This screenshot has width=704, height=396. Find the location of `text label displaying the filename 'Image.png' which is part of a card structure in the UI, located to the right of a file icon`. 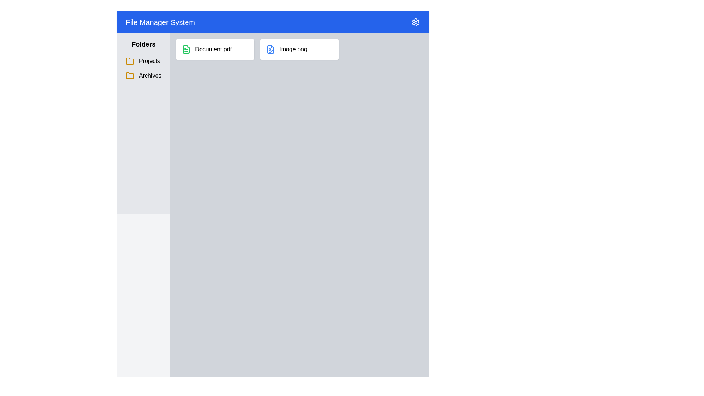

text label displaying the filename 'Image.png' which is part of a card structure in the UI, located to the right of a file icon is located at coordinates (293, 49).